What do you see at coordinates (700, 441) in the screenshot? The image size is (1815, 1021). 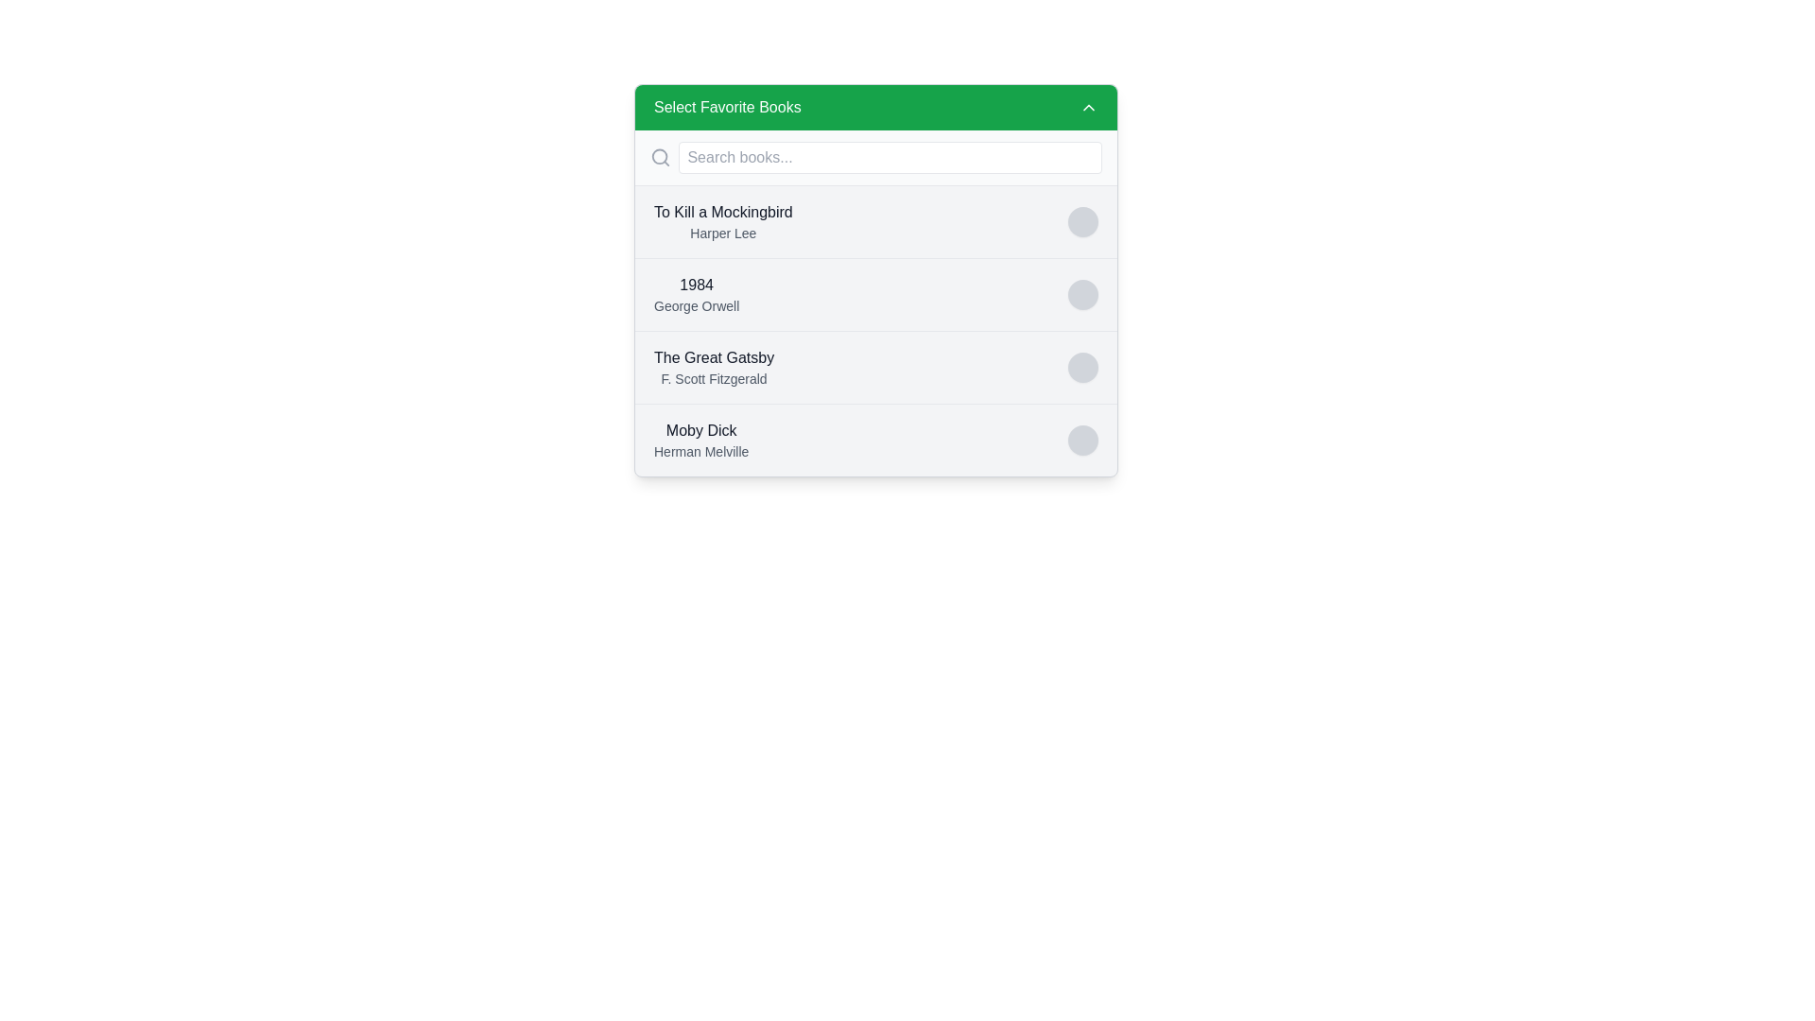 I see `the book entry label displaying the title and author, which is the last item in the list, located below 'The Great Gatsby'` at bounding box center [700, 441].